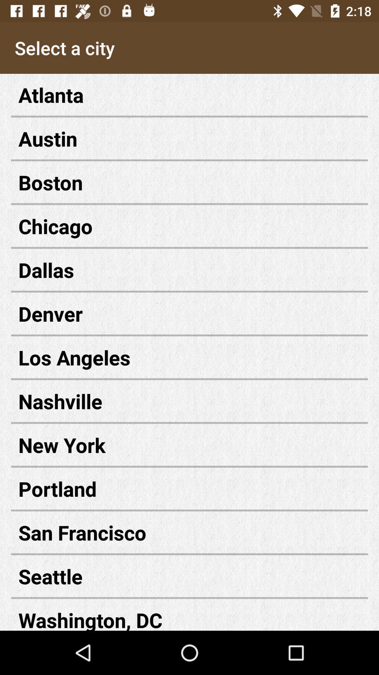 This screenshot has height=675, width=379. Describe the element at coordinates (189, 226) in the screenshot. I see `chicago icon` at that location.